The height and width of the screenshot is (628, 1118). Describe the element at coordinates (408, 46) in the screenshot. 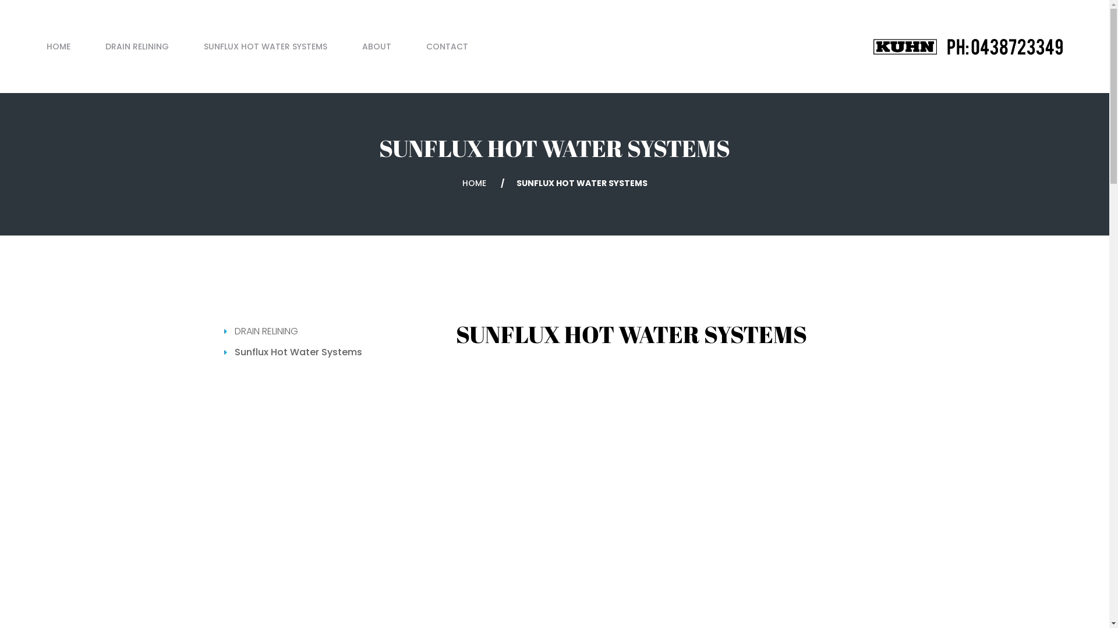

I see `'CONTACT'` at that location.